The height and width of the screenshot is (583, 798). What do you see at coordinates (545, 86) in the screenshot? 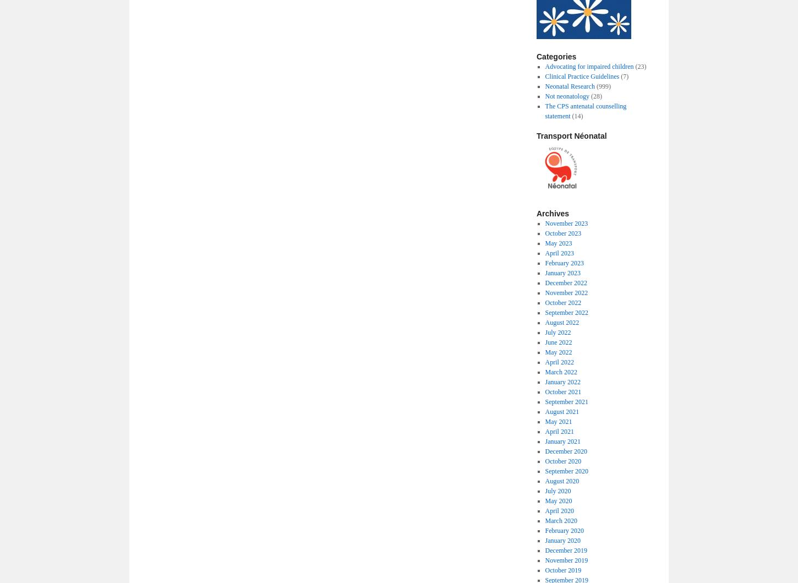
I see `'Neonatal Research'` at bounding box center [545, 86].